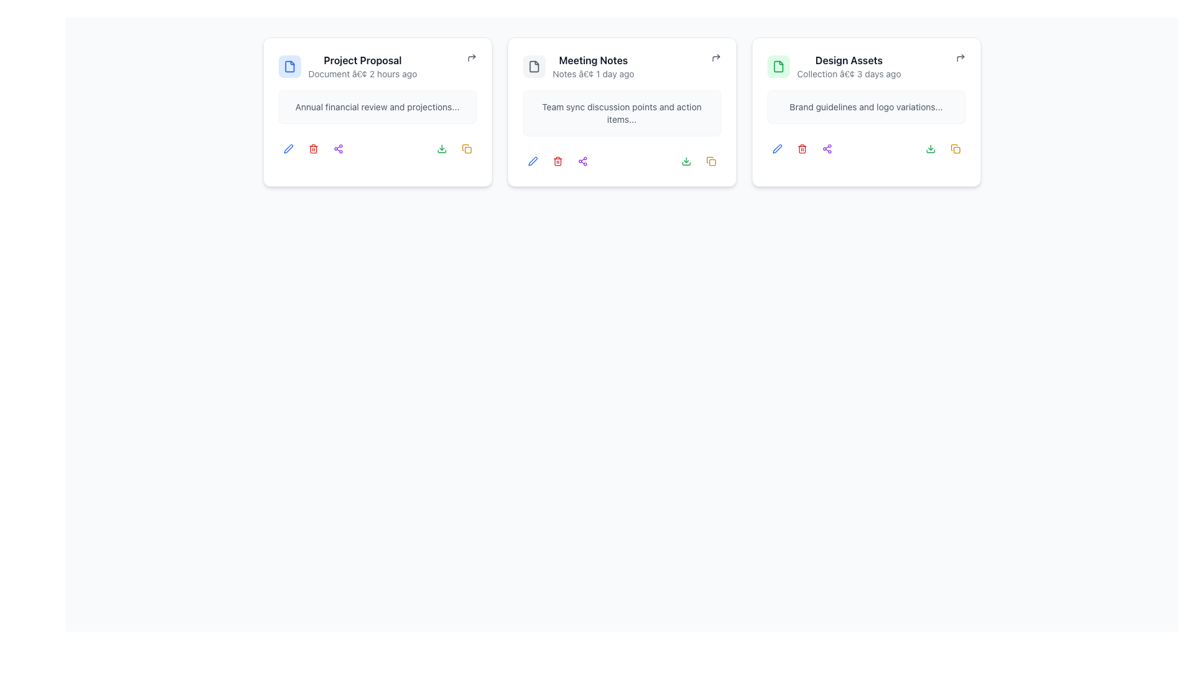 The width and height of the screenshot is (1197, 673). I want to click on the text label that displays 'Design Assets' in bold, located within the third card under a green document icon, so click(848, 67).